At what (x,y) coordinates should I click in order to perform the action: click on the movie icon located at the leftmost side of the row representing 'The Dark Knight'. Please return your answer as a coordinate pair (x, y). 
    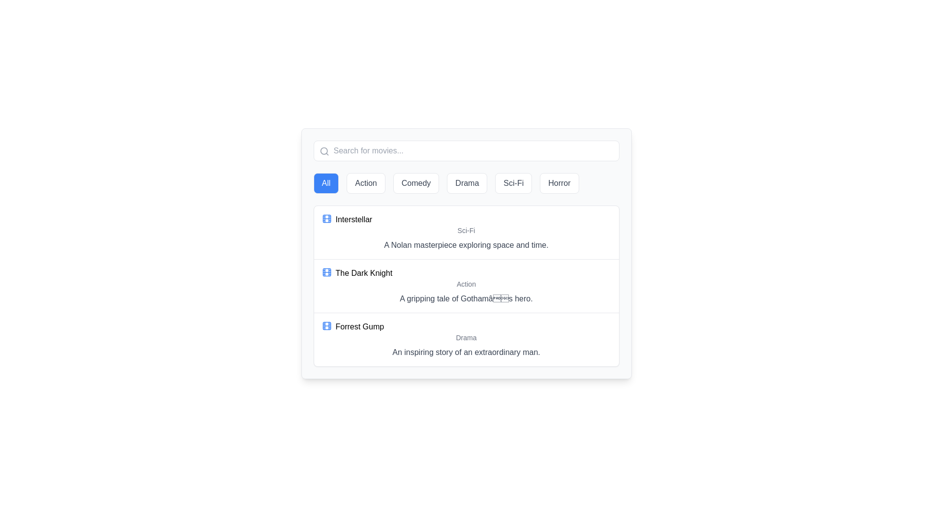
    Looking at the image, I should click on (326, 272).